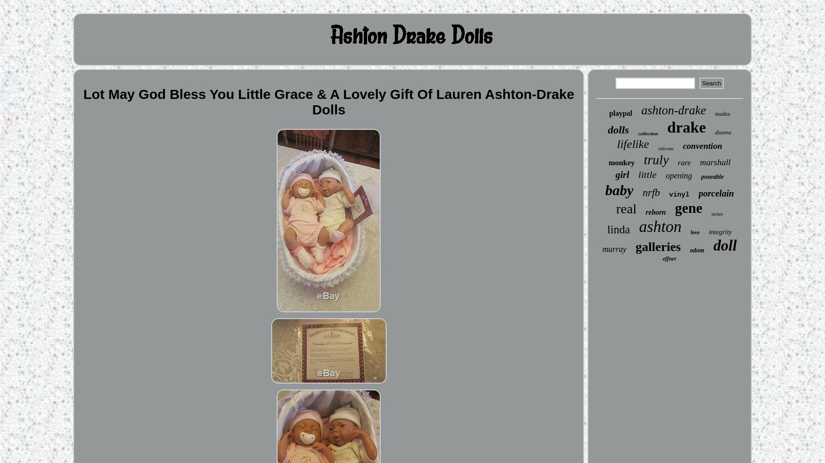  I want to click on 'dolls', so click(617, 129).